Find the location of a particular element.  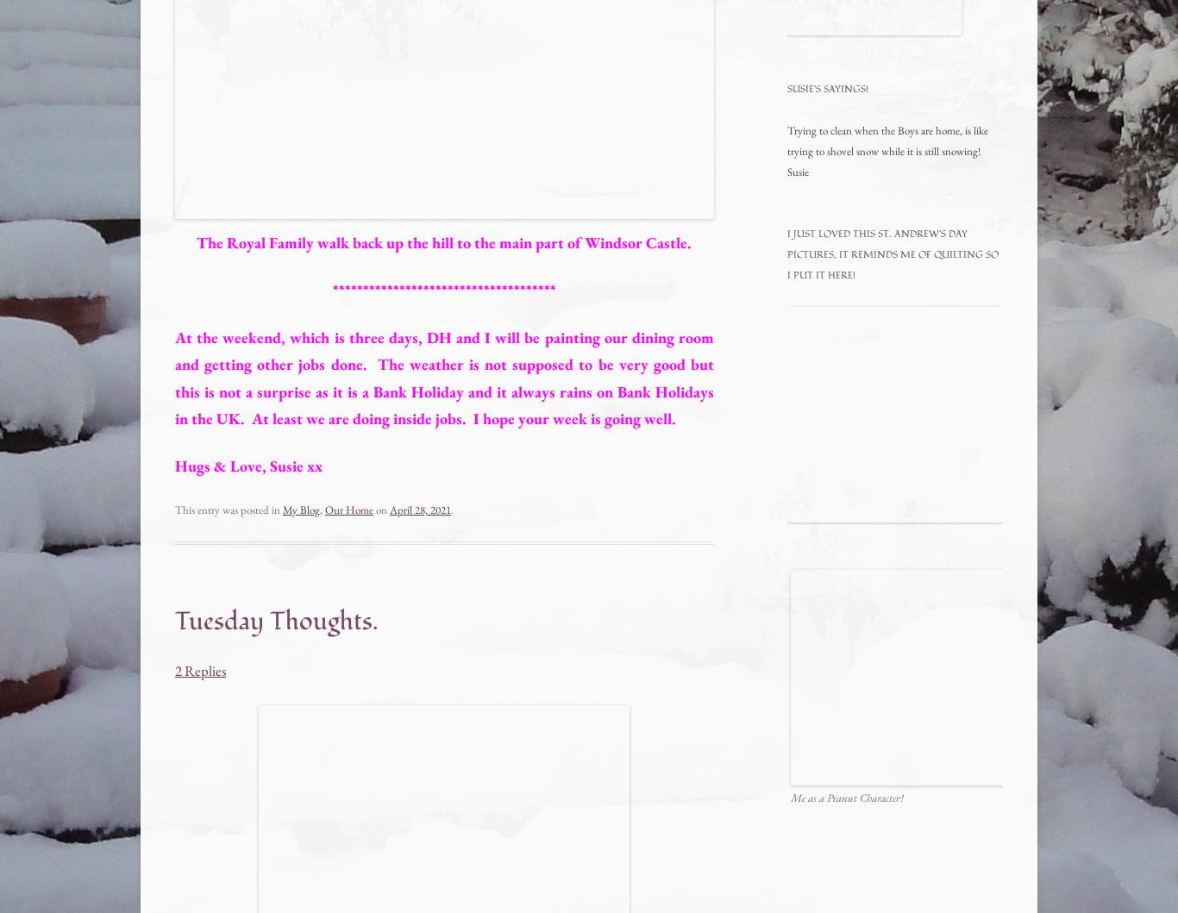

'on' is located at coordinates (380, 509).